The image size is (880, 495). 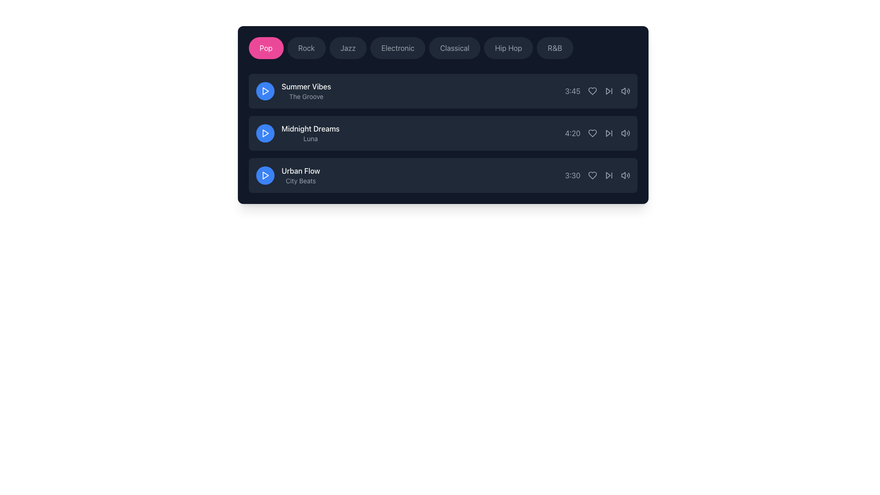 I want to click on the third interactive audio volume control icon located to the right of the time display '3:30' for the content 'Urban Flow', so click(x=625, y=175).